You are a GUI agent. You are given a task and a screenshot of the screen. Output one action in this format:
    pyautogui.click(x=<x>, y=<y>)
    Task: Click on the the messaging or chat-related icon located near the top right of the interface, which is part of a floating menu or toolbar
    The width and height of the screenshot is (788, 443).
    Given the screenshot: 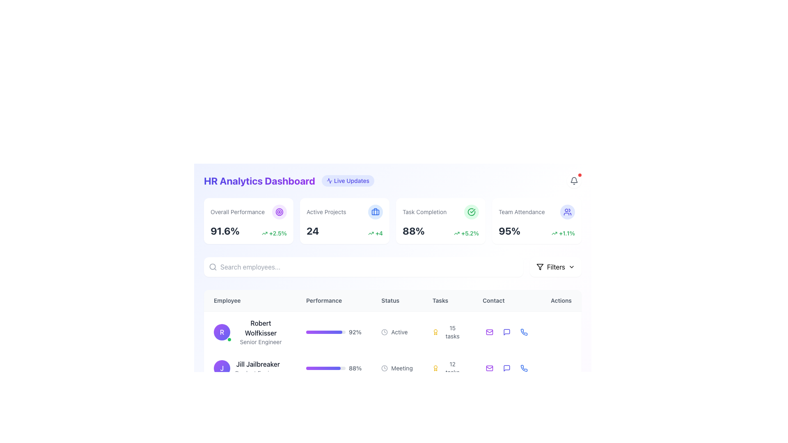 What is the action you would take?
    pyautogui.click(x=506, y=332)
    